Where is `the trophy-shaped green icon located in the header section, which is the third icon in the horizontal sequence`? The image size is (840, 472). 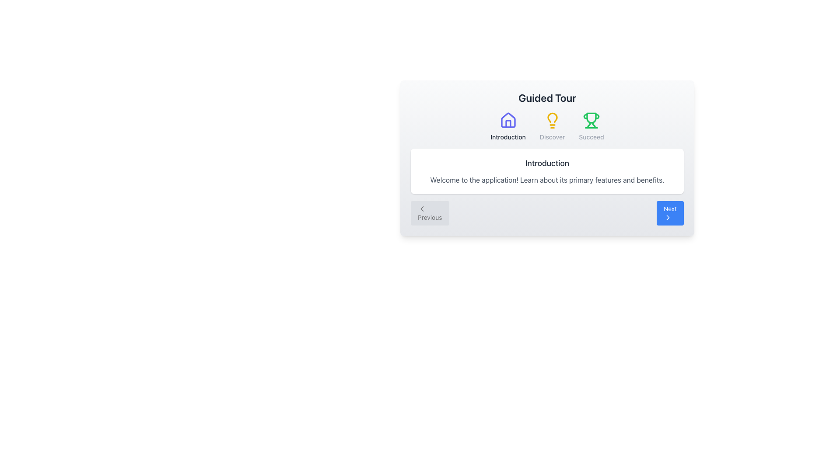 the trophy-shaped green icon located in the header section, which is the third icon in the horizontal sequence is located at coordinates (591, 118).